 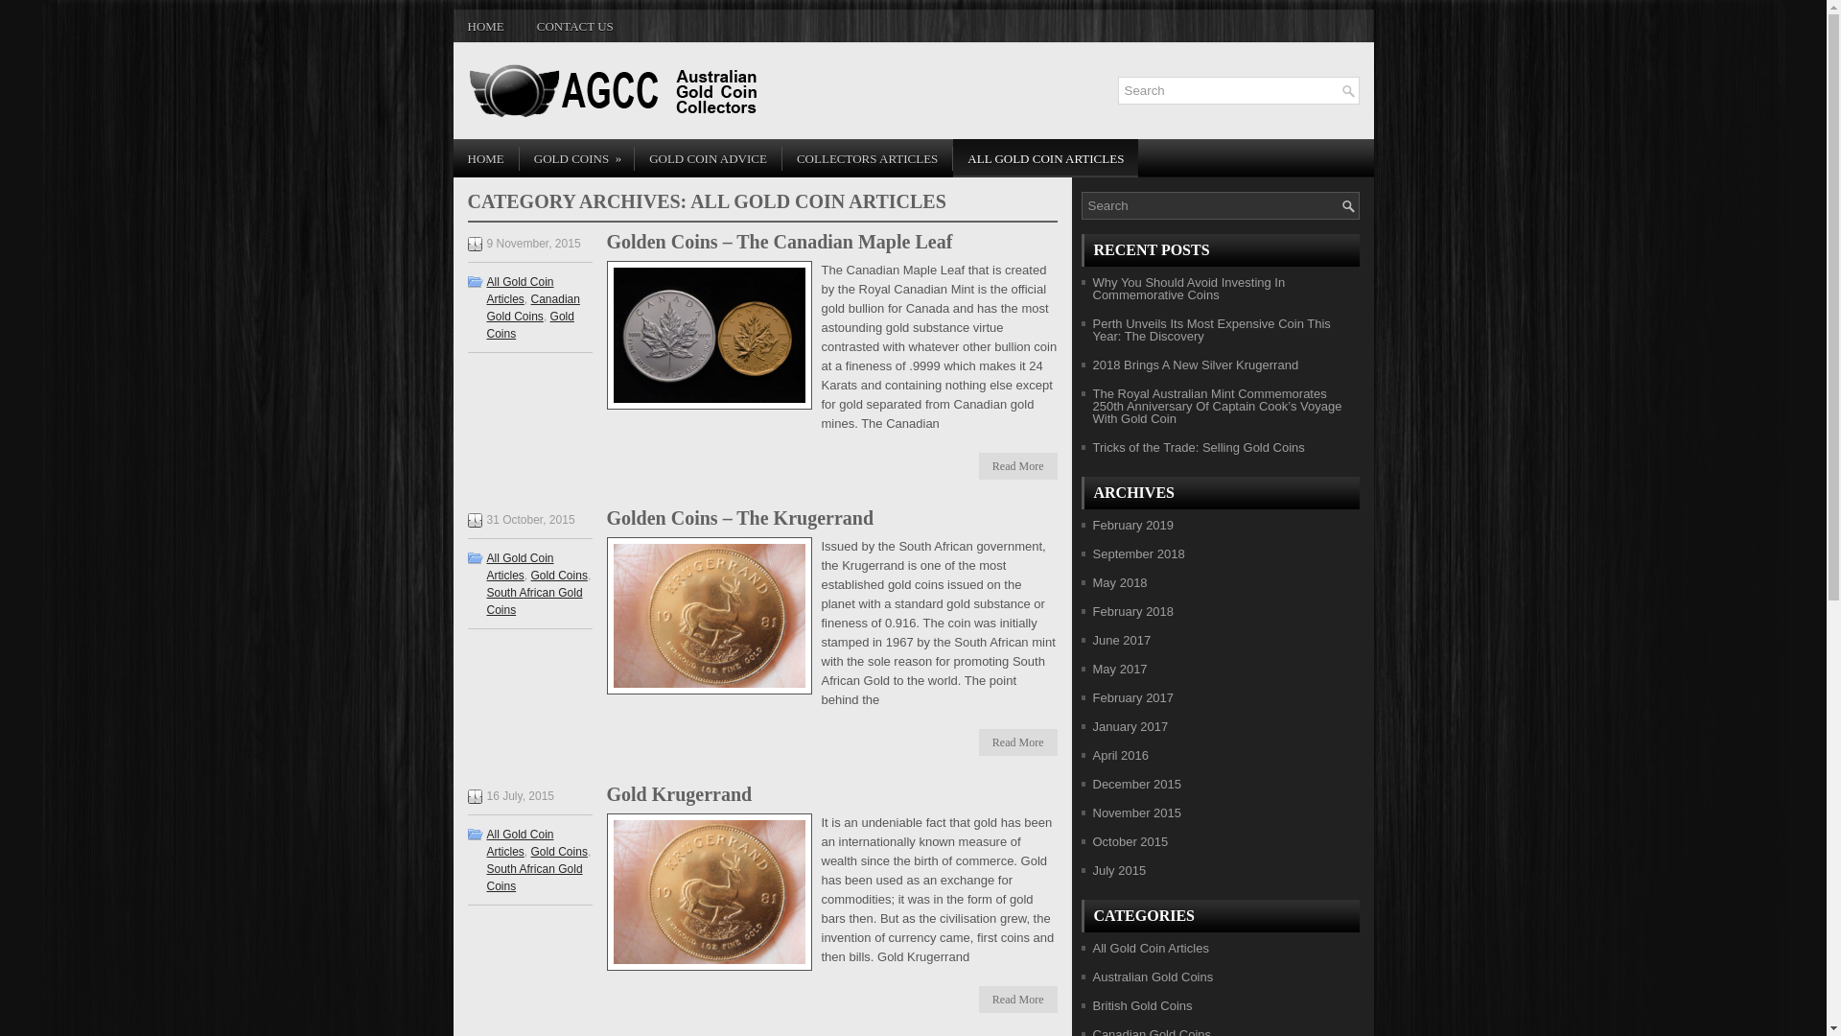 What do you see at coordinates (1093, 754) in the screenshot?
I see `'April 2016'` at bounding box center [1093, 754].